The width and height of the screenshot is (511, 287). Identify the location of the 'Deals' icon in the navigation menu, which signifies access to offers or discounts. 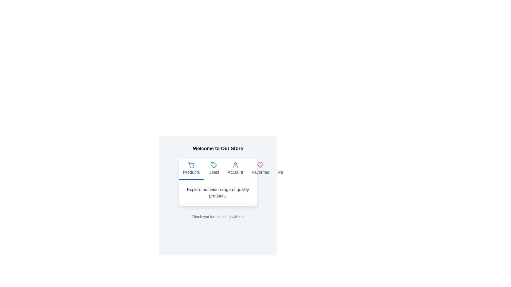
(214, 165).